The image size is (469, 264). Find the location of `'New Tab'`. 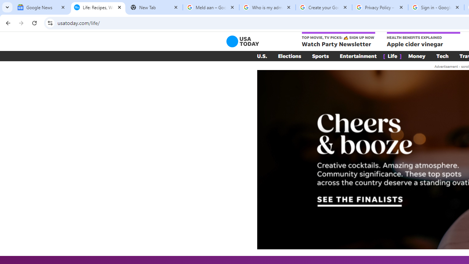

'New Tab' is located at coordinates (154, 7).